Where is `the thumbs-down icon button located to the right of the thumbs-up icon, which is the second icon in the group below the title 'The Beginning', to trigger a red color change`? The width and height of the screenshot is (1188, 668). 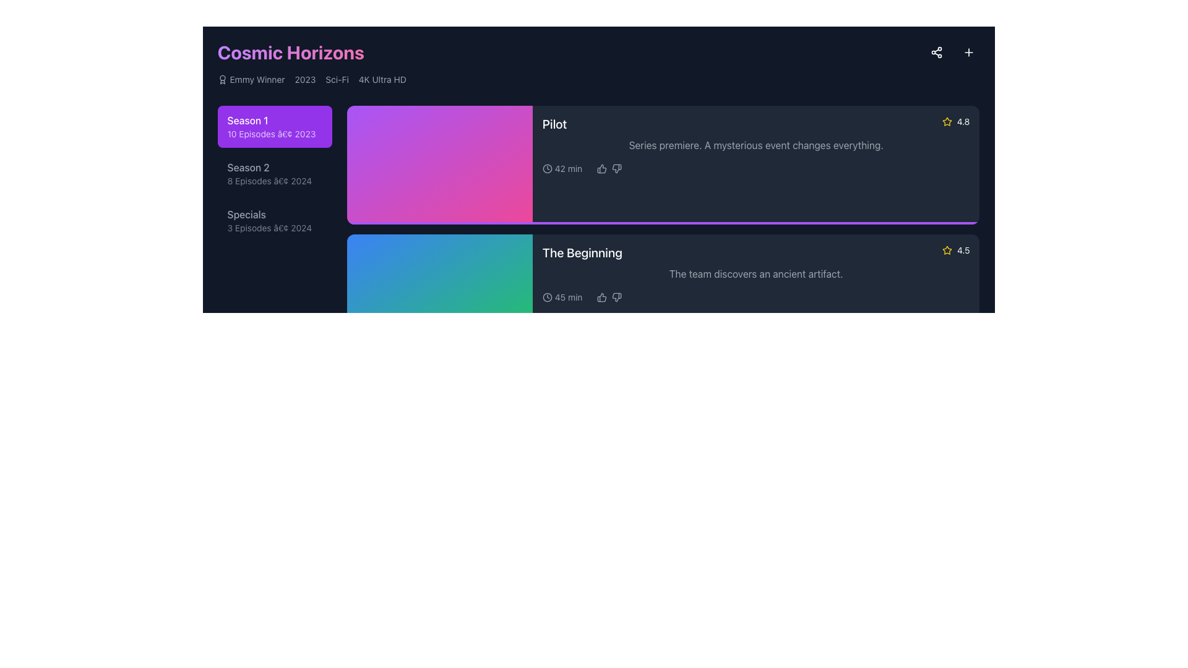 the thumbs-down icon button located to the right of the thumbs-up icon, which is the second icon in the group below the title 'The Beginning', to trigger a red color change is located at coordinates (617, 426).